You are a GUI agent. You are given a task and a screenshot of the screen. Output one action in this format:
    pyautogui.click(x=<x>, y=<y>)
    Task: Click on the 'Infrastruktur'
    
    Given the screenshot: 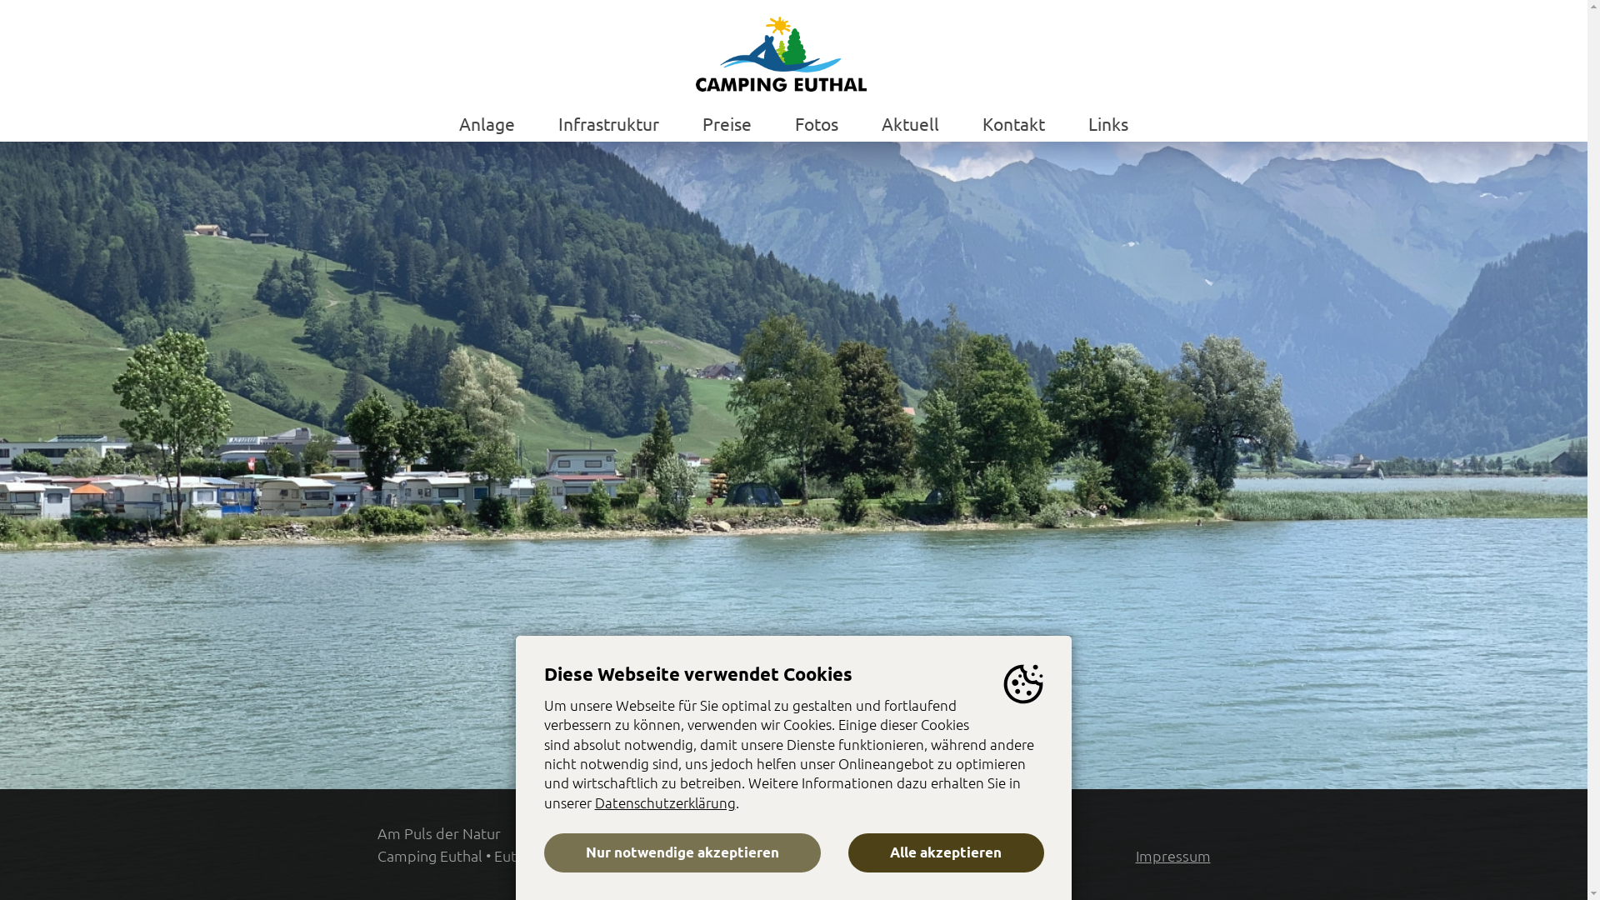 What is the action you would take?
    pyautogui.click(x=607, y=122)
    